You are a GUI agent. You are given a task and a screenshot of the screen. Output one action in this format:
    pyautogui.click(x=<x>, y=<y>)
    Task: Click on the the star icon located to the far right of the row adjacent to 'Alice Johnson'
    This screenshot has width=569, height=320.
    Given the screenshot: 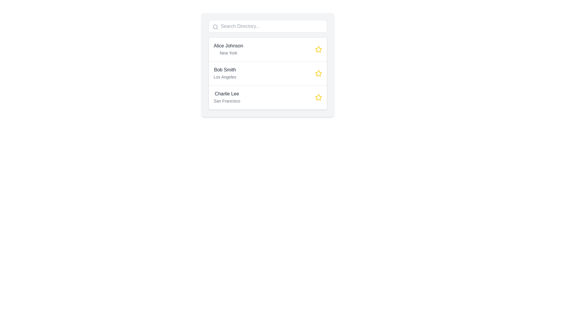 What is the action you would take?
    pyautogui.click(x=318, y=49)
    